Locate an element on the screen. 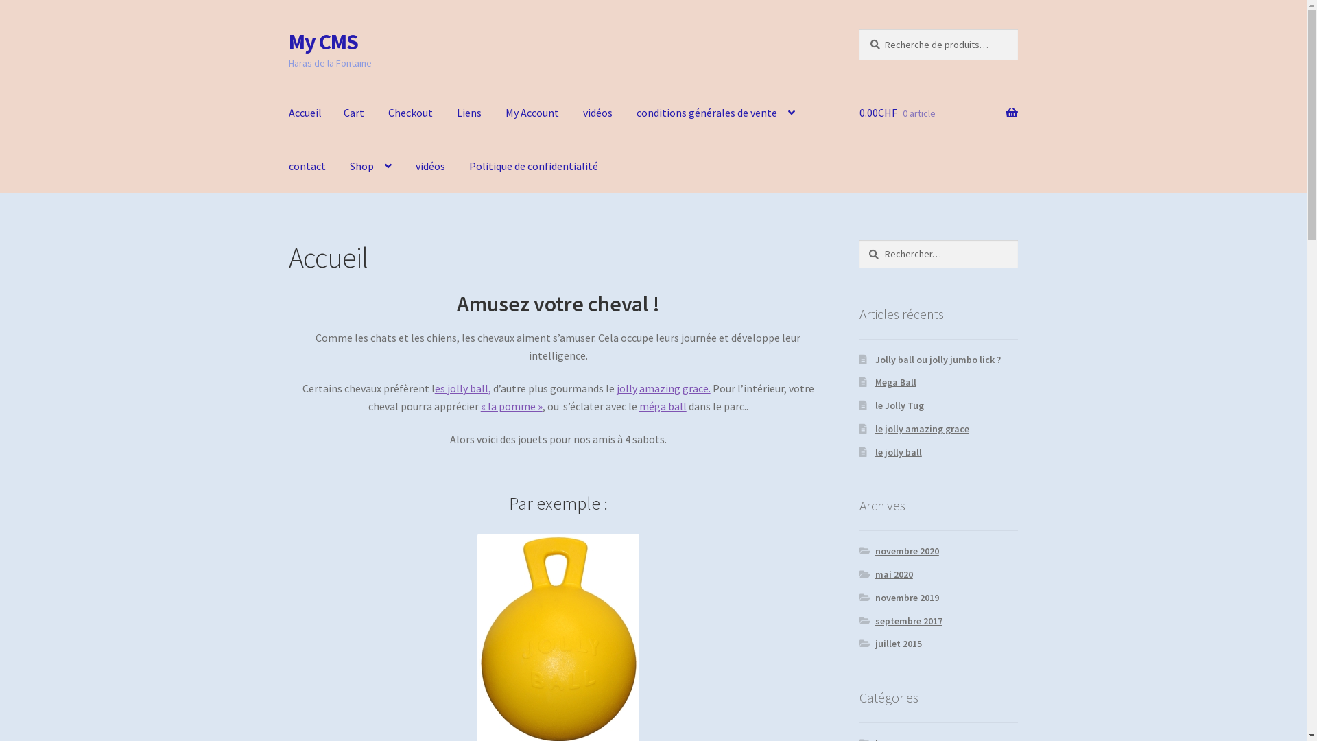 Image resolution: width=1317 pixels, height=741 pixels. 'es jolly ball,' is located at coordinates (434, 388).